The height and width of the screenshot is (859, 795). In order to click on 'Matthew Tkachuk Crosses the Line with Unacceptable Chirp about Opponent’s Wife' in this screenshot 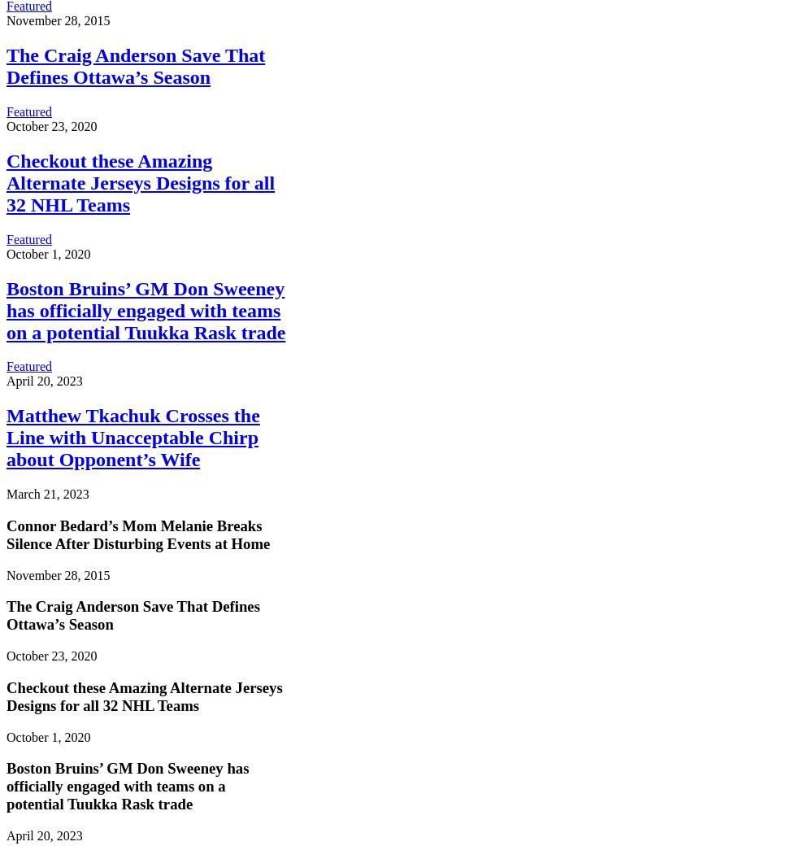, I will do `click(132, 438)`.